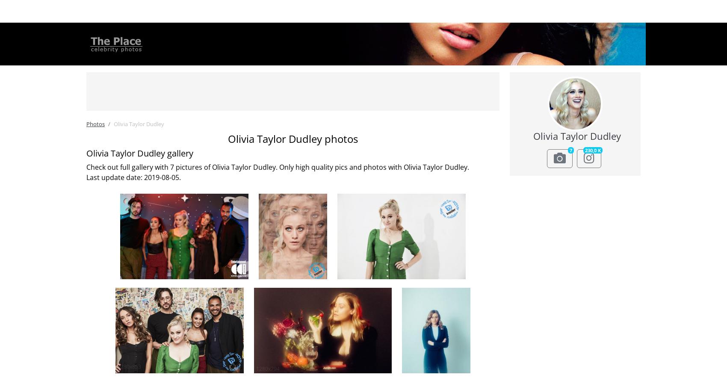 The image size is (727, 378). What do you see at coordinates (139, 165) in the screenshot?
I see `'Rihanna'` at bounding box center [139, 165].